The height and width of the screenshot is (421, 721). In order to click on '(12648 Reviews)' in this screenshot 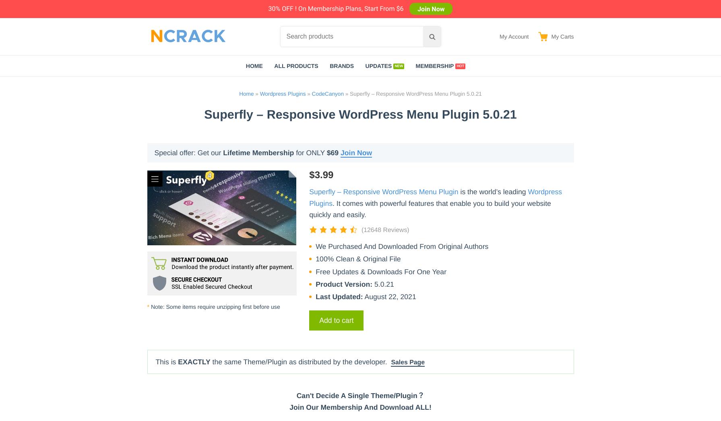, I will do `click(361, 230)`.